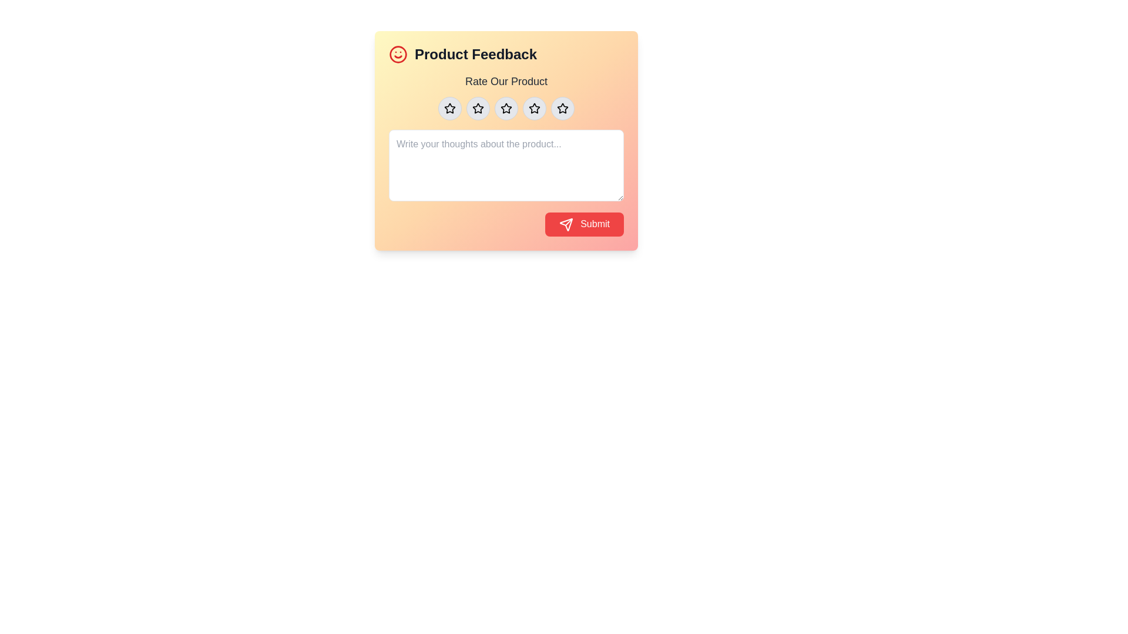  What do you see at coordinates (562, 109) in the screenshot?
I see `the fifth star-shaped icon in the interactive star rating section` at bounding box center [562, 109].